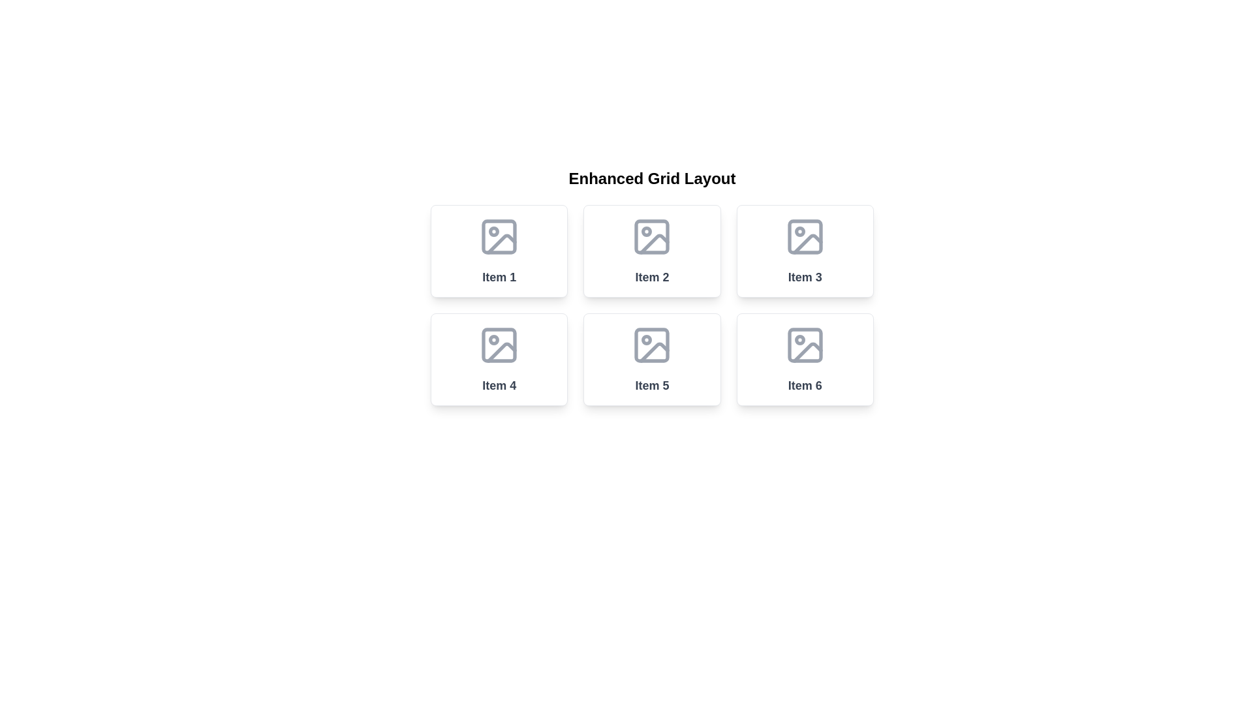 The image size is (1253, 705). What do you see at coordinates (647, 339) in the screenshot?
I see `the visual marker within the SVG graphic located in the fifth grid item labeled 'Item 5'` at bounding box center [647, 339].